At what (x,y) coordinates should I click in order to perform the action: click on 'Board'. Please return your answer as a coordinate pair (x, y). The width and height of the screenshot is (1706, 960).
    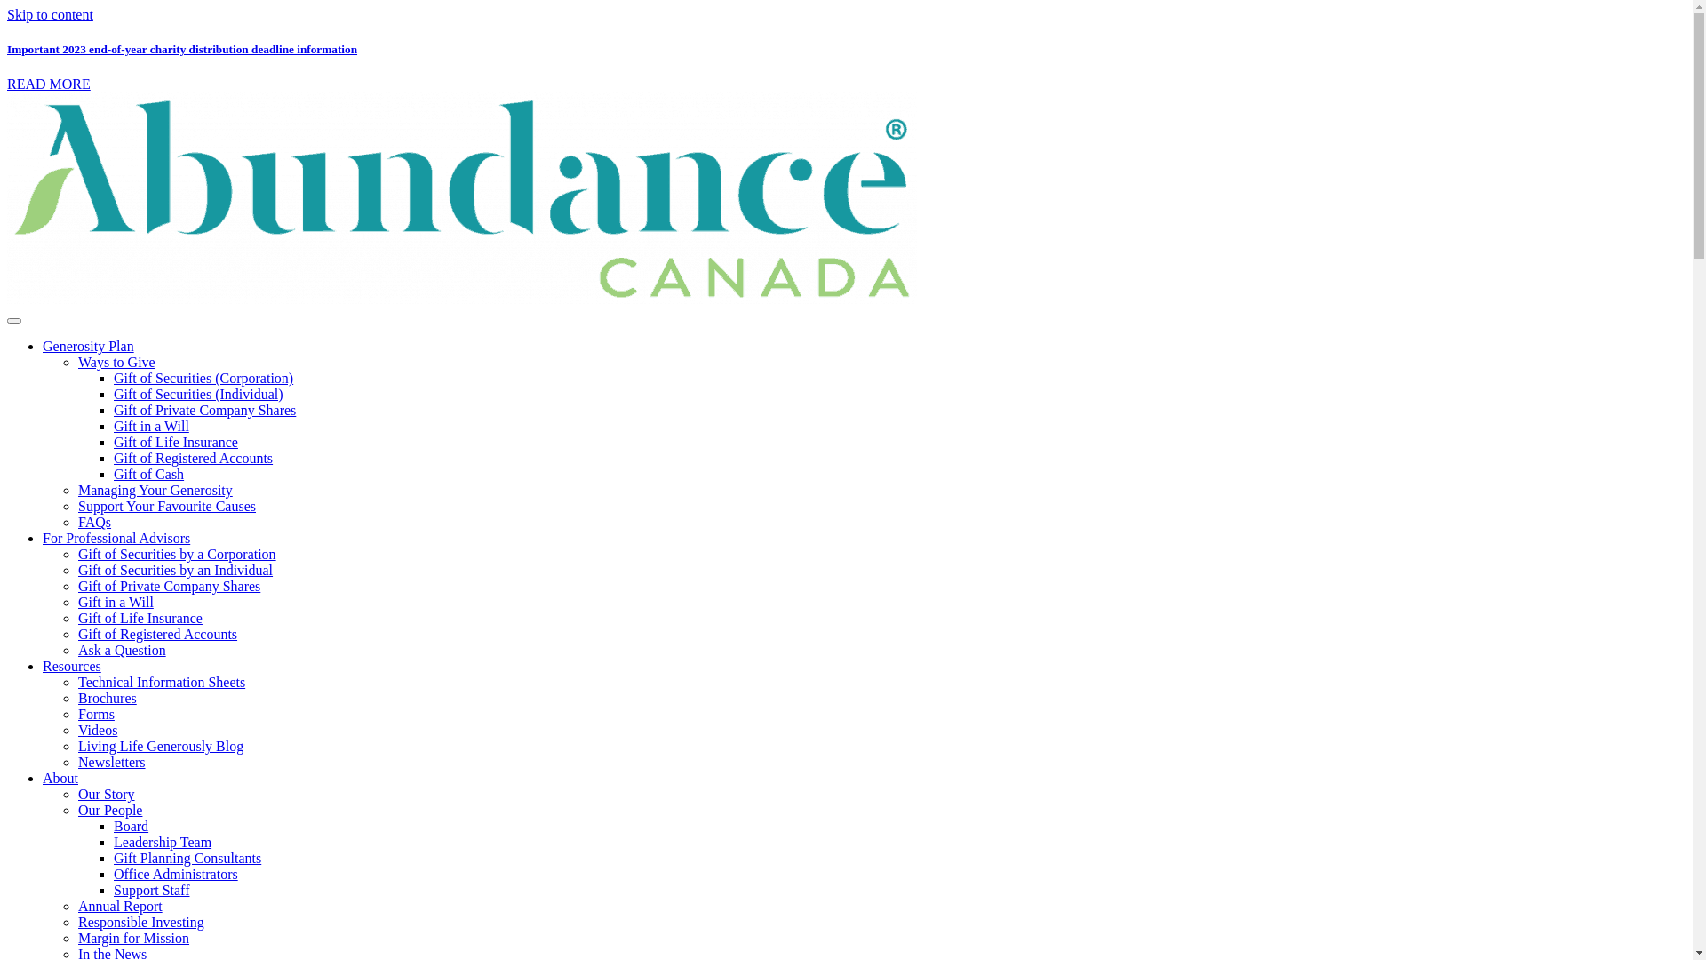
    Looking at the image, I should click on (130, 826).